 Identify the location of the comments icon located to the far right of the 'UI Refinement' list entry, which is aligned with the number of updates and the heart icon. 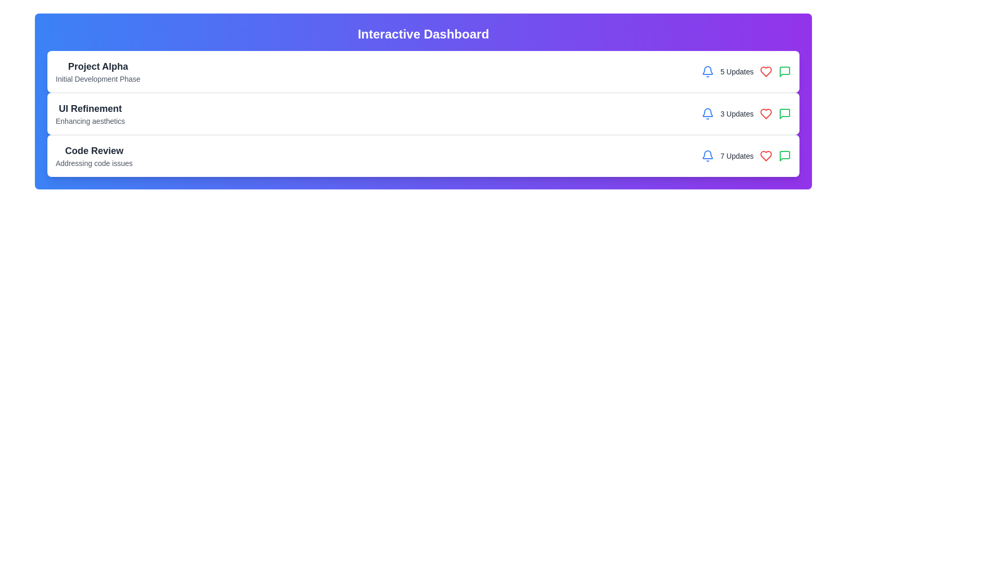
(785, 156).